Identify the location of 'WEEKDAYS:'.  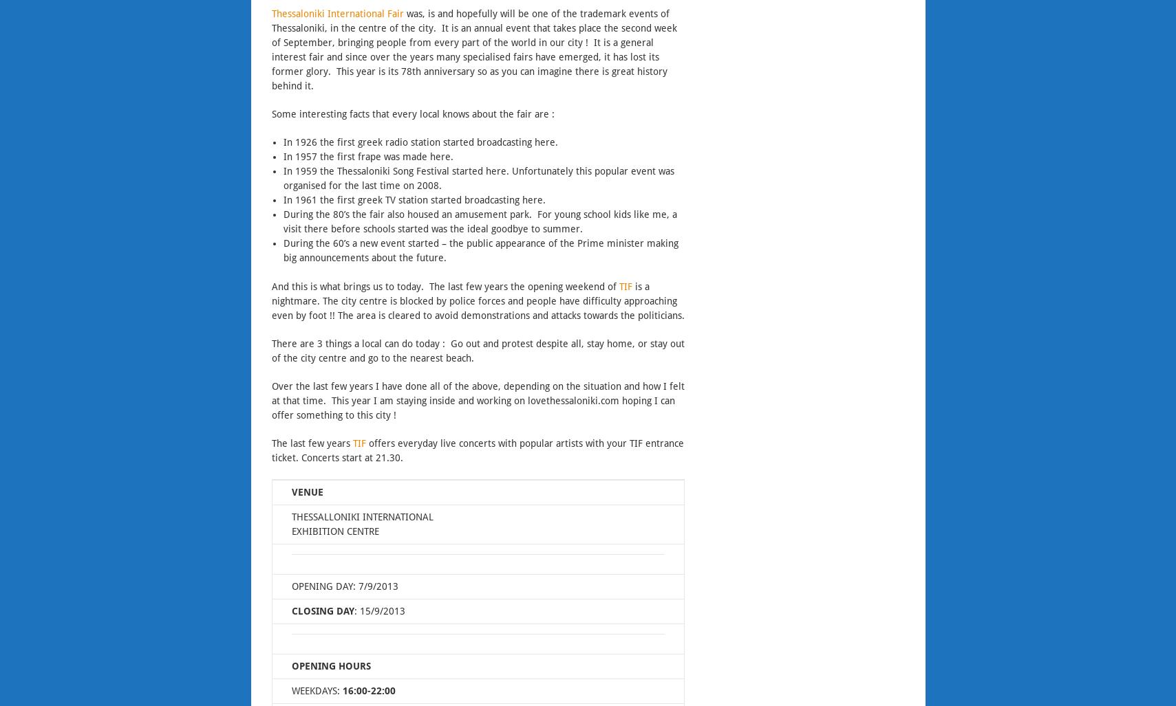
(290, 691).